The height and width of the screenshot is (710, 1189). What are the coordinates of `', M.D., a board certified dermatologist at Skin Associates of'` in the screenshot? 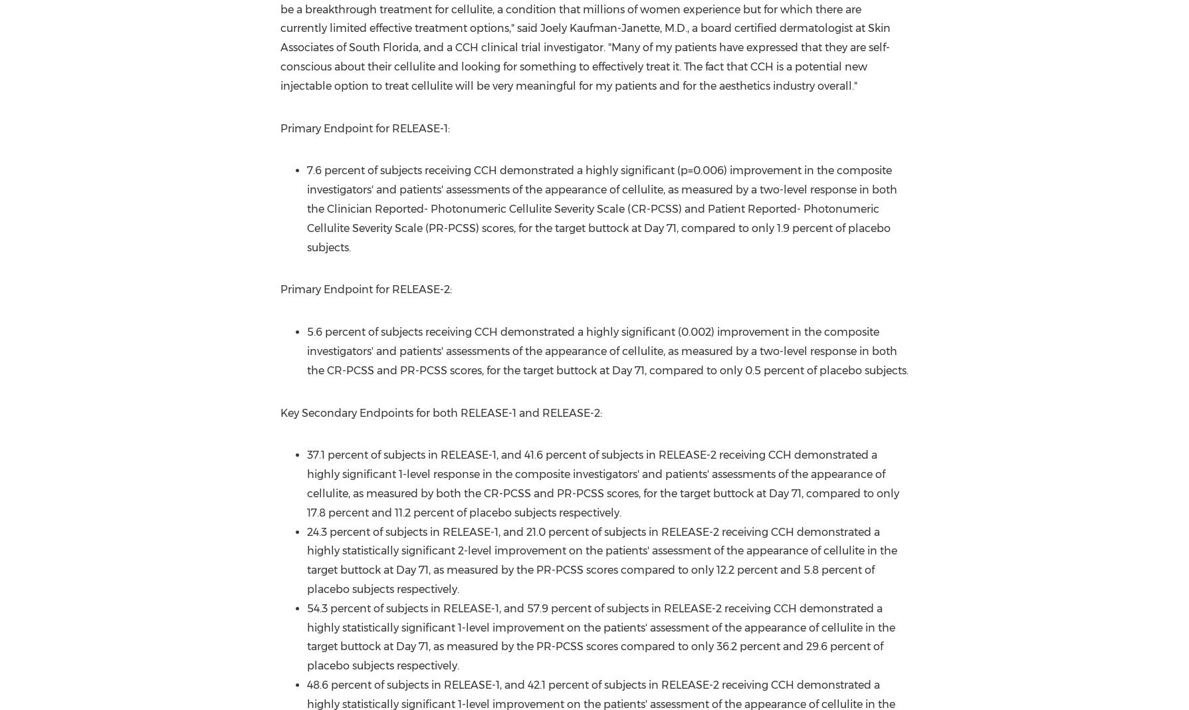 It's located at (280, 37).